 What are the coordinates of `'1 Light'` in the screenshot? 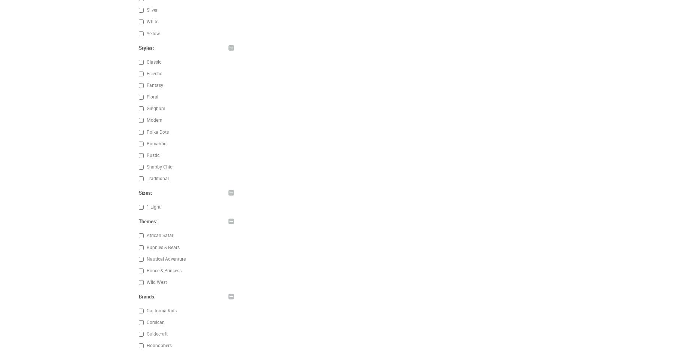 It's located at (152, 207).